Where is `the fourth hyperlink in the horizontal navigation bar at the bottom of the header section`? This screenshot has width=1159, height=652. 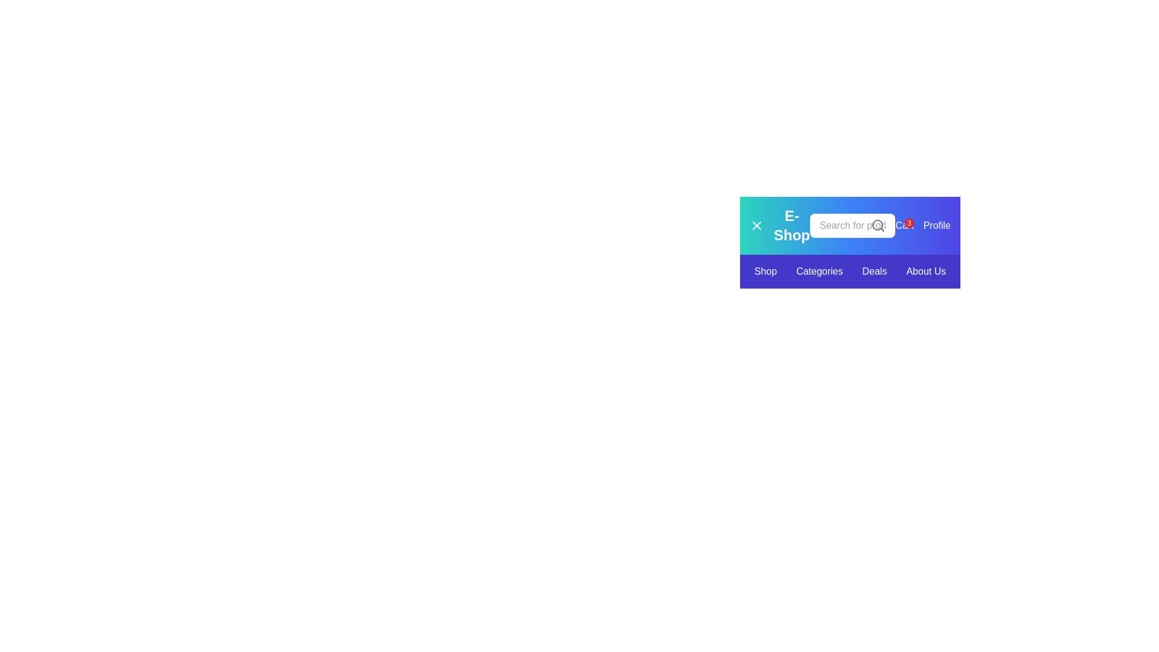
the fourth hyperlink in the horizontal navigation bar at the bottom of the header section is located at coordinates (925, 272).